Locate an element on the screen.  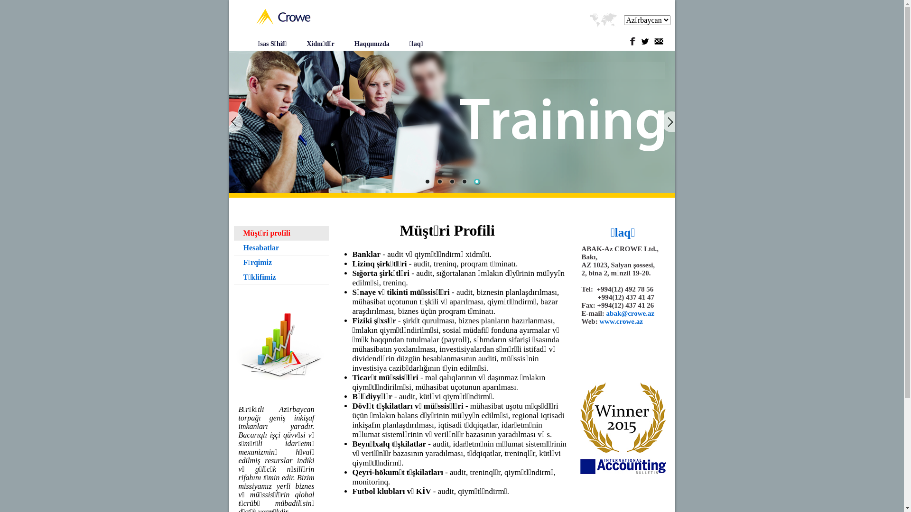
'abak@crowe.az' is located at coordinates (631, 313).